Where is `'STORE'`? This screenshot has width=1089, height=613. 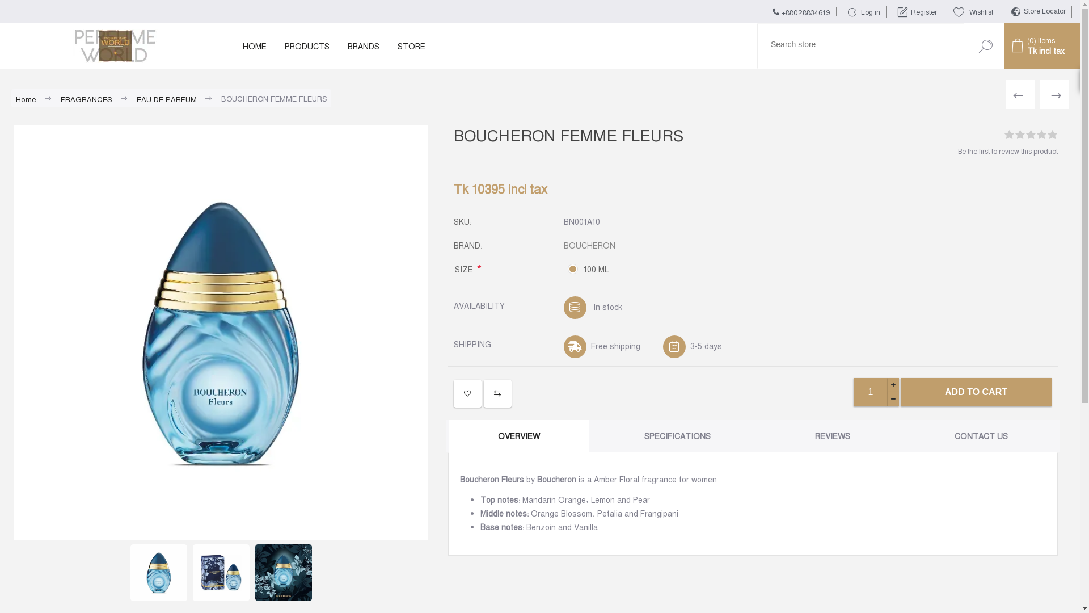
'STORE' is located at coordinates (411, 45).